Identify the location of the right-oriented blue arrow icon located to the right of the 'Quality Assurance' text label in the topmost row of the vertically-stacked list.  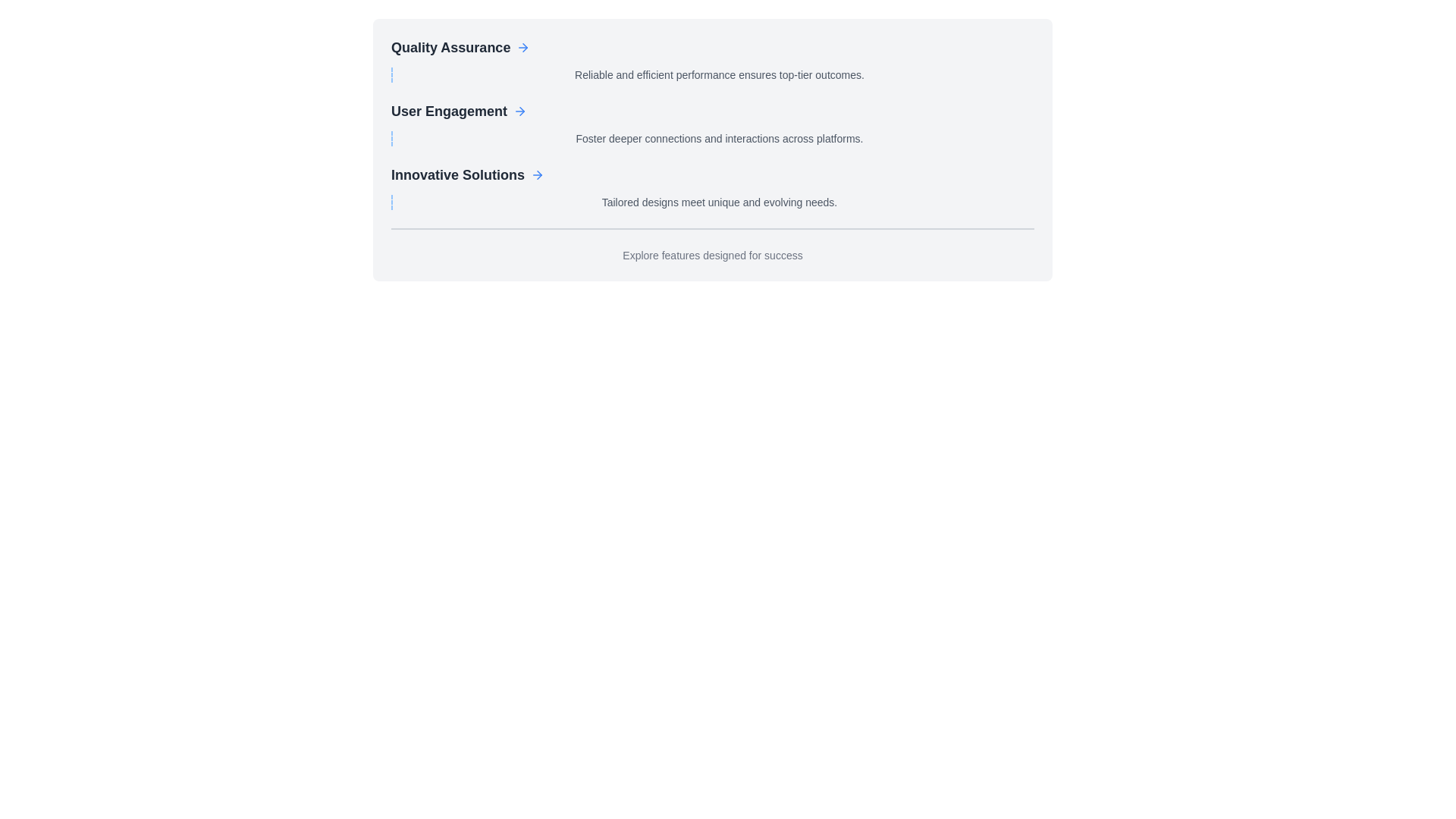
(523, 46).